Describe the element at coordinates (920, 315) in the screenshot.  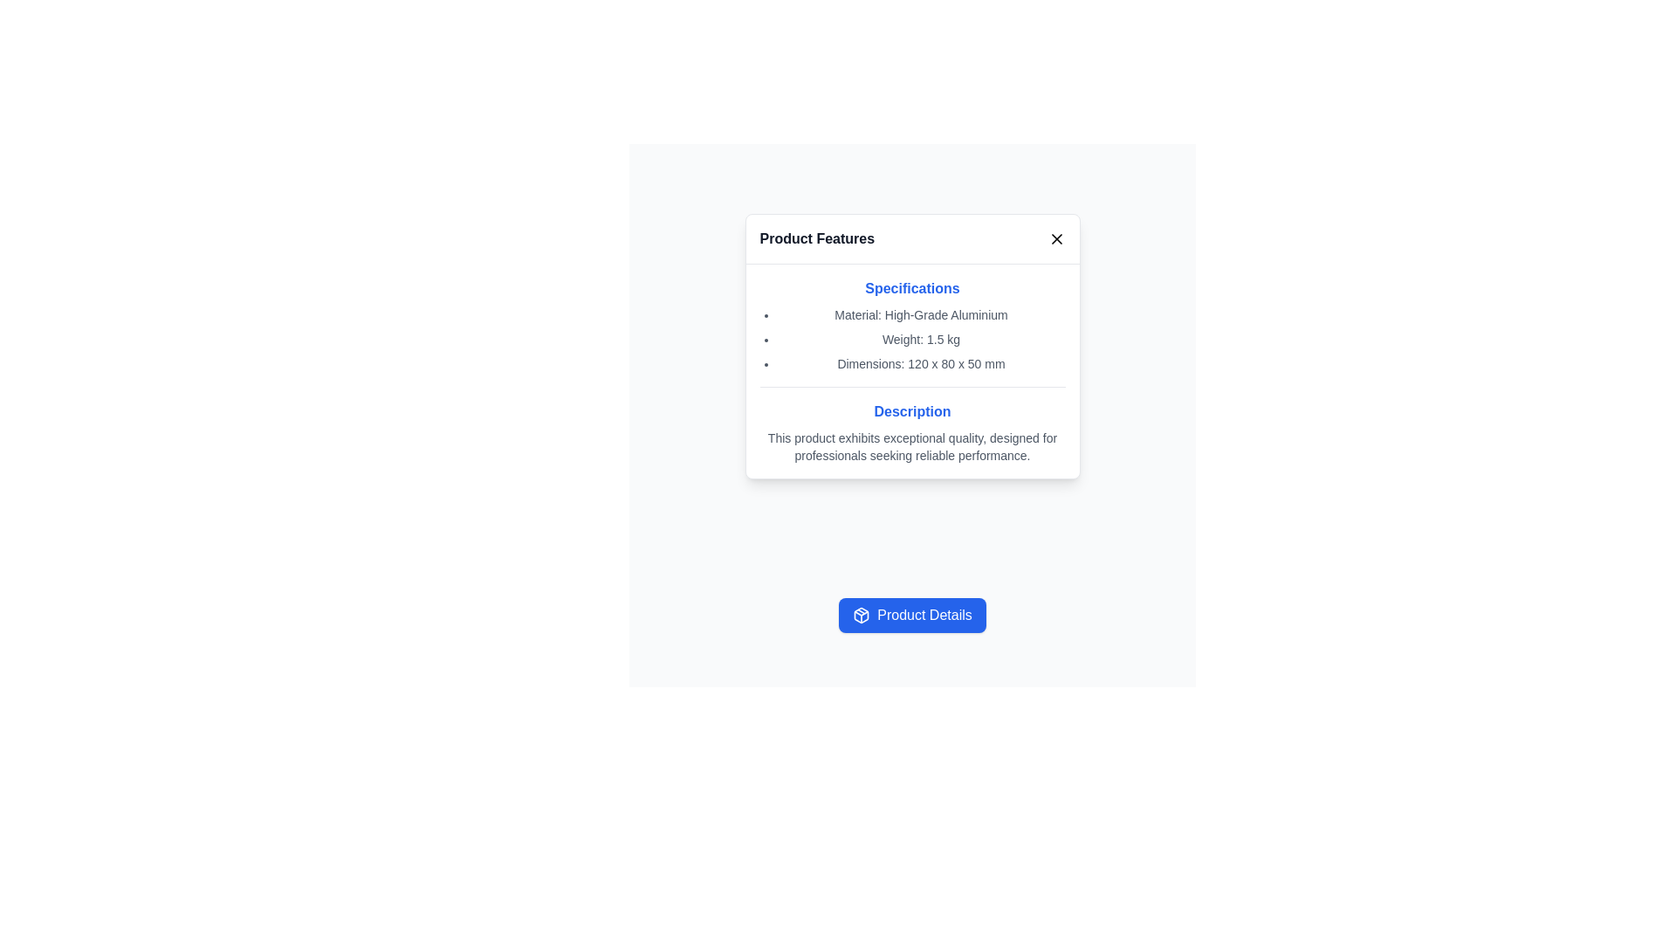
I see `text of the first item in the bullet-point list under the 'Specifications' heading that states 'Material: High-Grade Aluminium'` at that location.